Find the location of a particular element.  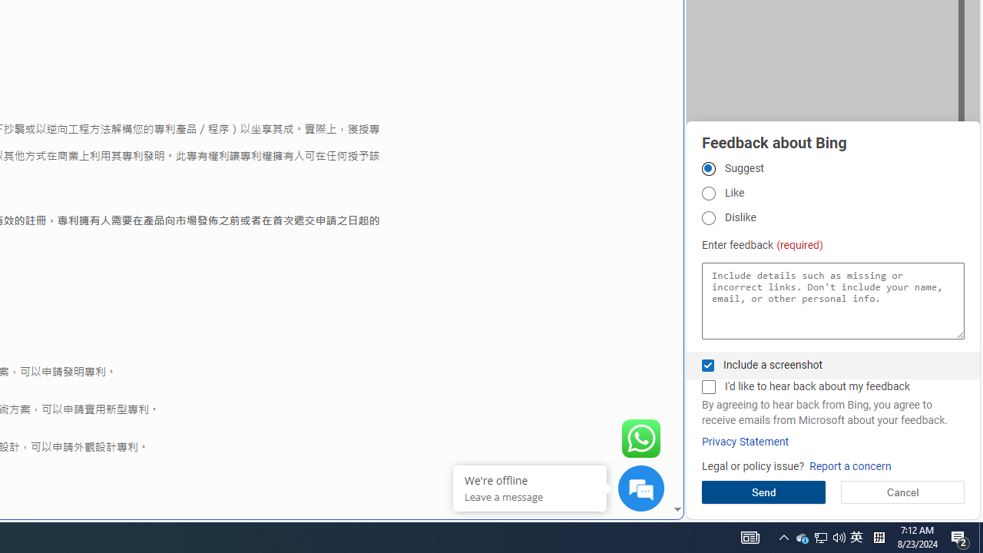

'Report a concern' is located at coordinates (849, 465).